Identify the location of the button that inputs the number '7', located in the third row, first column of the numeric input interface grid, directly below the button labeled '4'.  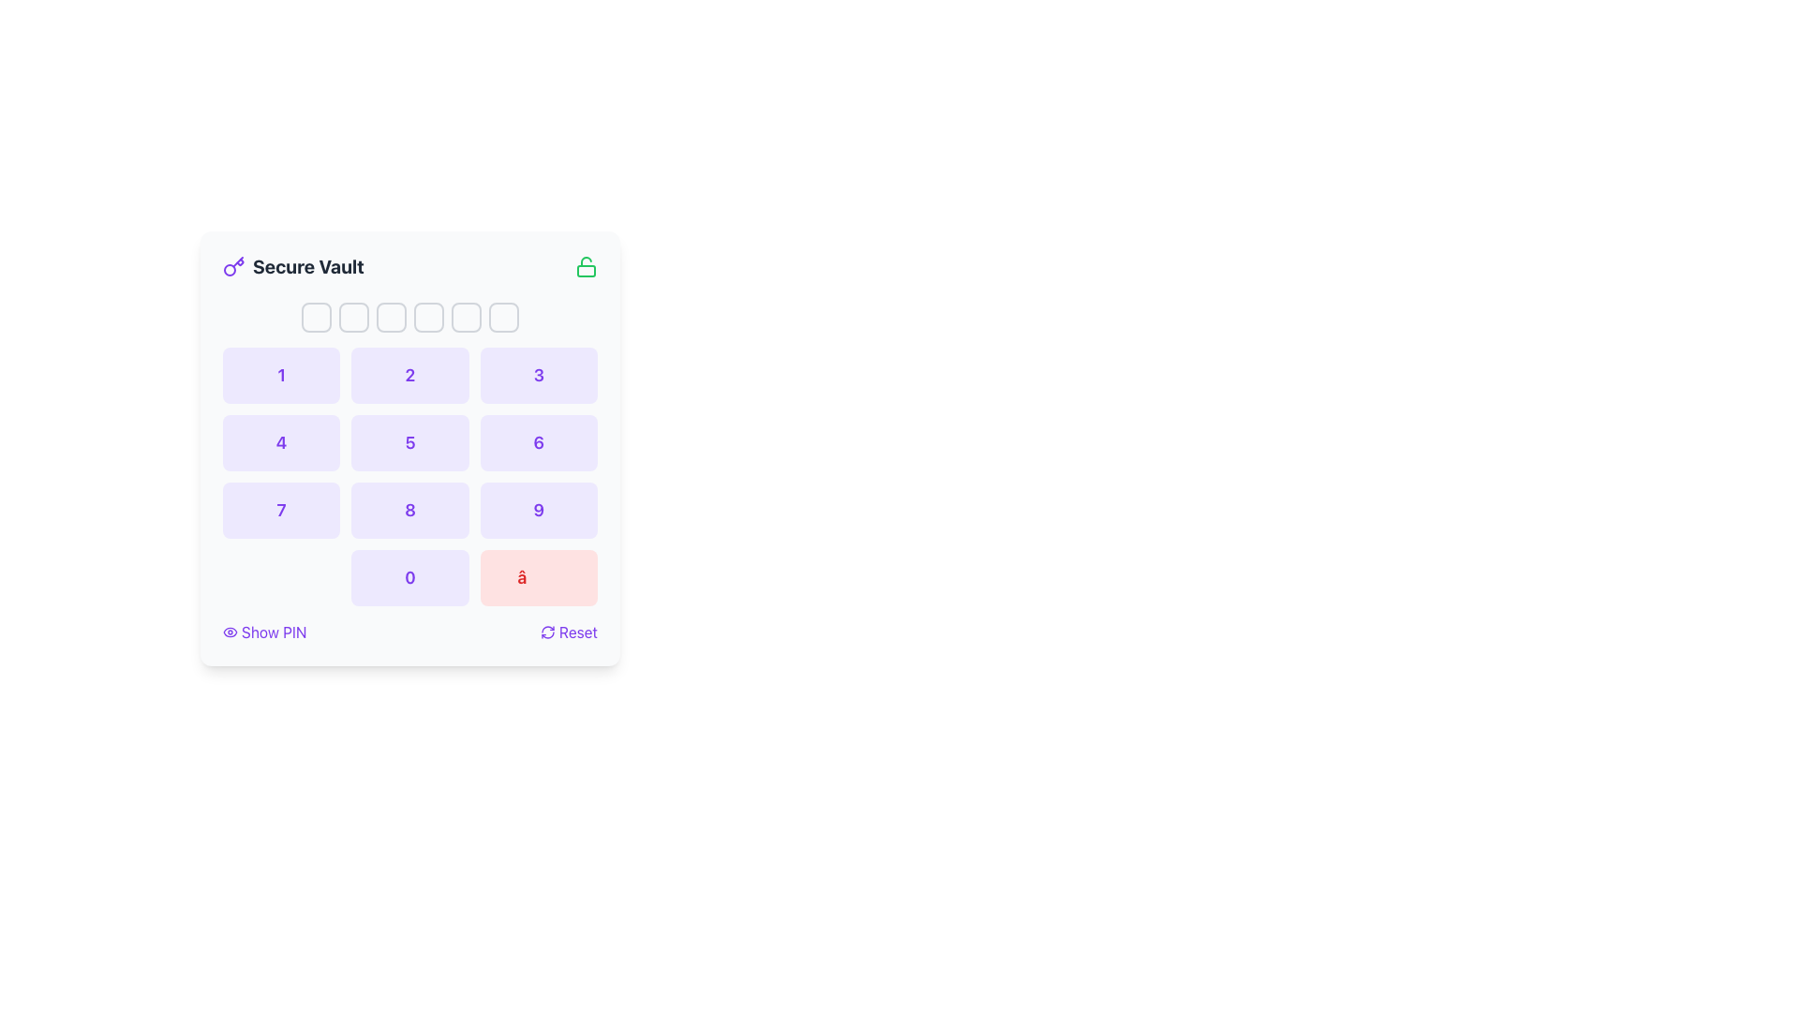
(280, 510).